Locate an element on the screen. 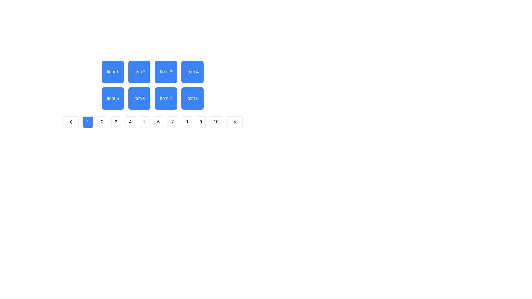 The image size is (532, 299). the SVG chevron icon located in the pagination control area is located at coordinates (70, 122).